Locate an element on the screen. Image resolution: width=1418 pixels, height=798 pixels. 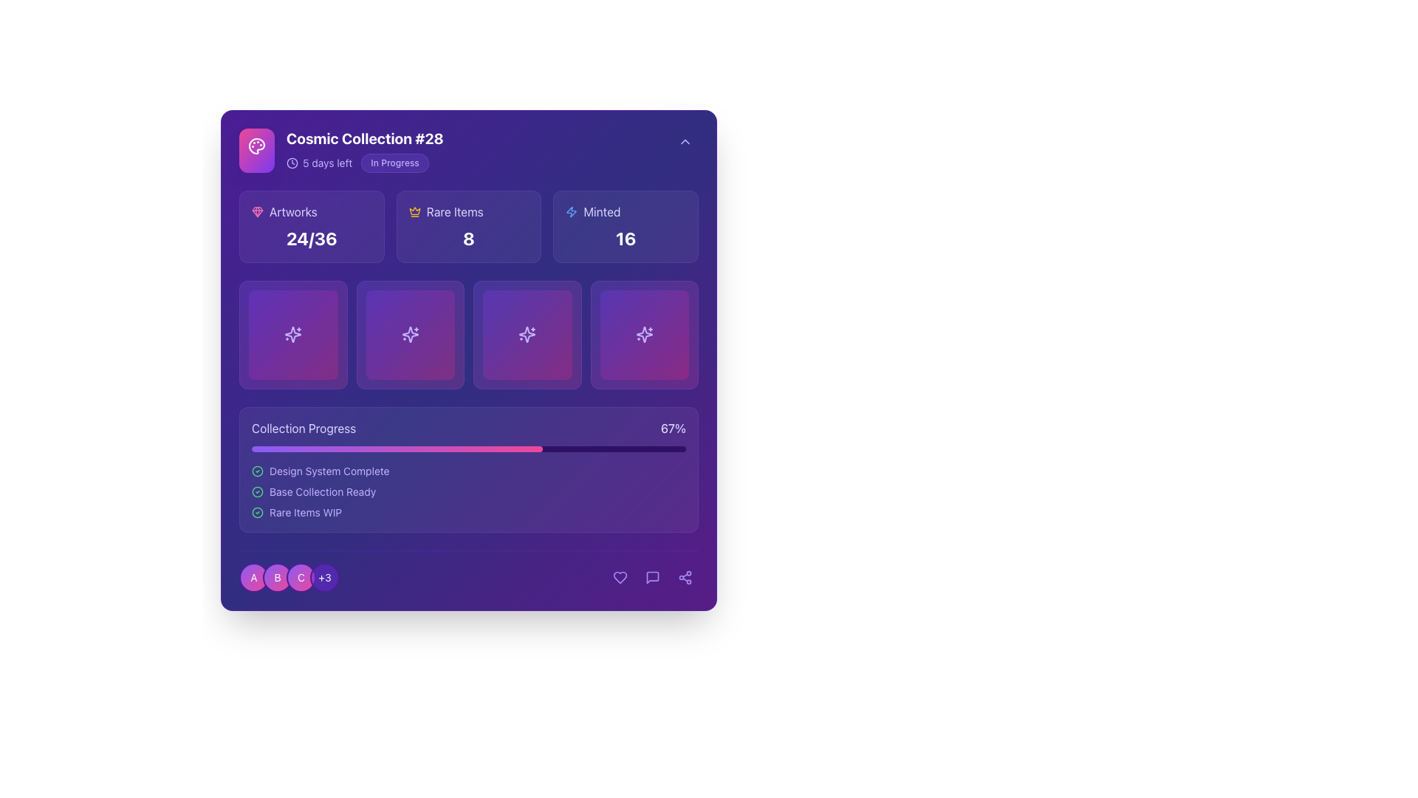
the status icon indicating 'Completed/Verified' for the task 'Rare Items WIP' located in the Collection Progress list is located at coordinates (258, 511).